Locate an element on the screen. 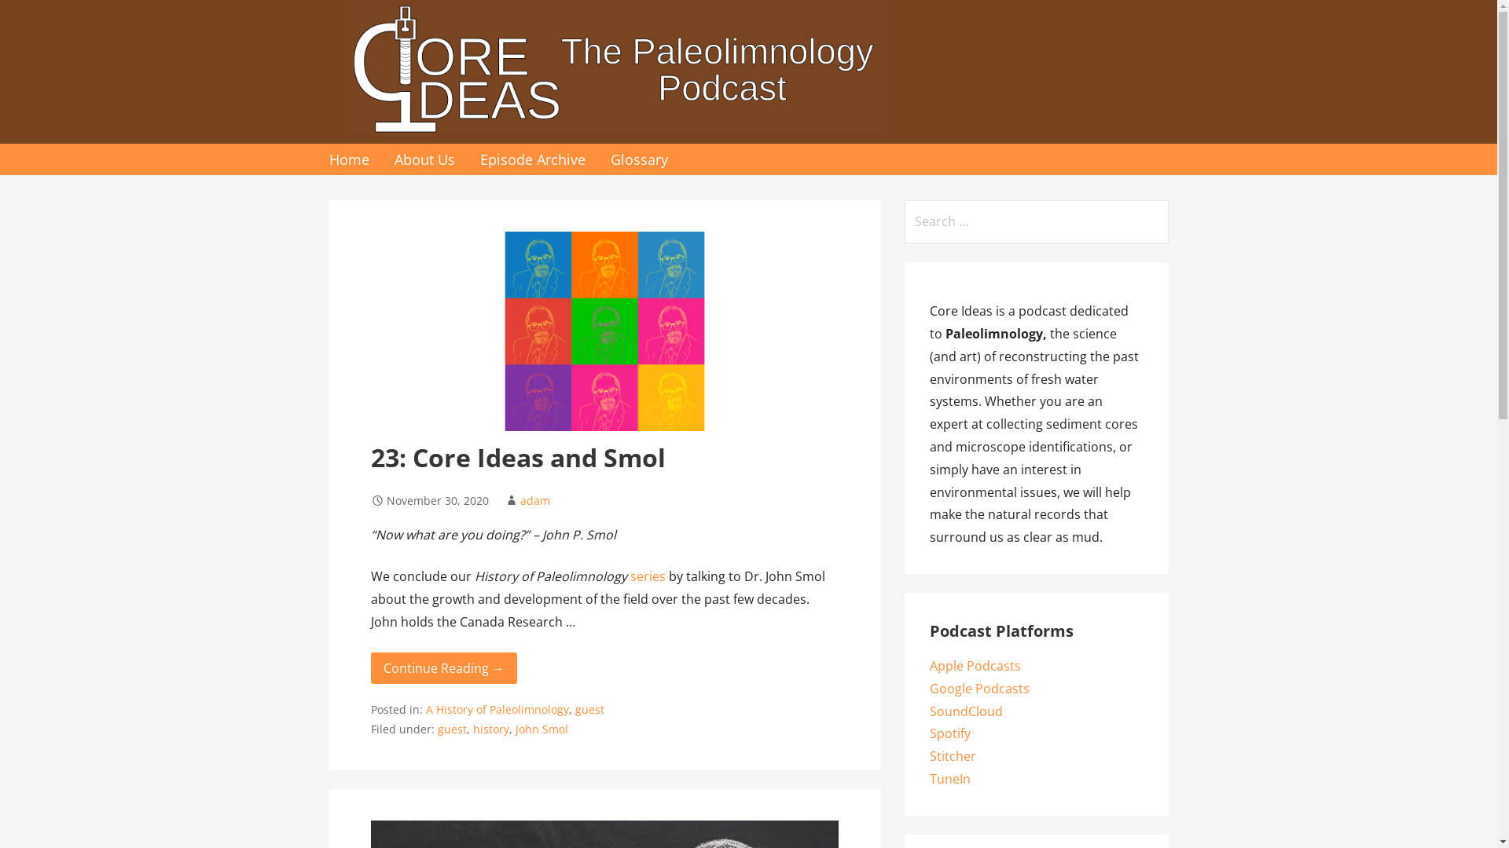 The height and width of the screenshot is (848, 1509). 'John Smol' is located at coordinates (516, 729).